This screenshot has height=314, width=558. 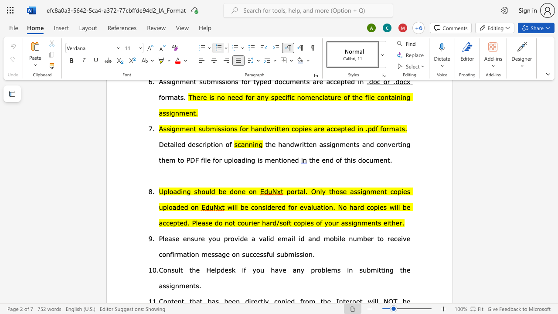 What do you see at coordinates (170, 191) in the screenshot?
I see `the space between the continuous character "l" and "o" in the text` at bounding box center [170, 191].